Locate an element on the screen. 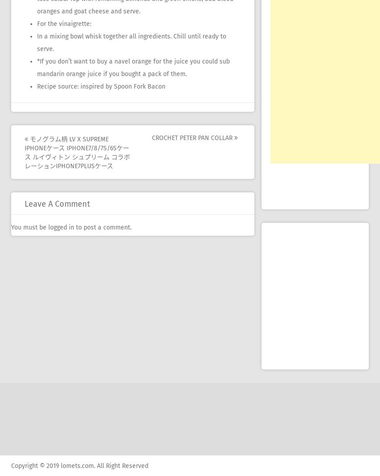  'to post a comment.' is located at coordinates (103, 227).